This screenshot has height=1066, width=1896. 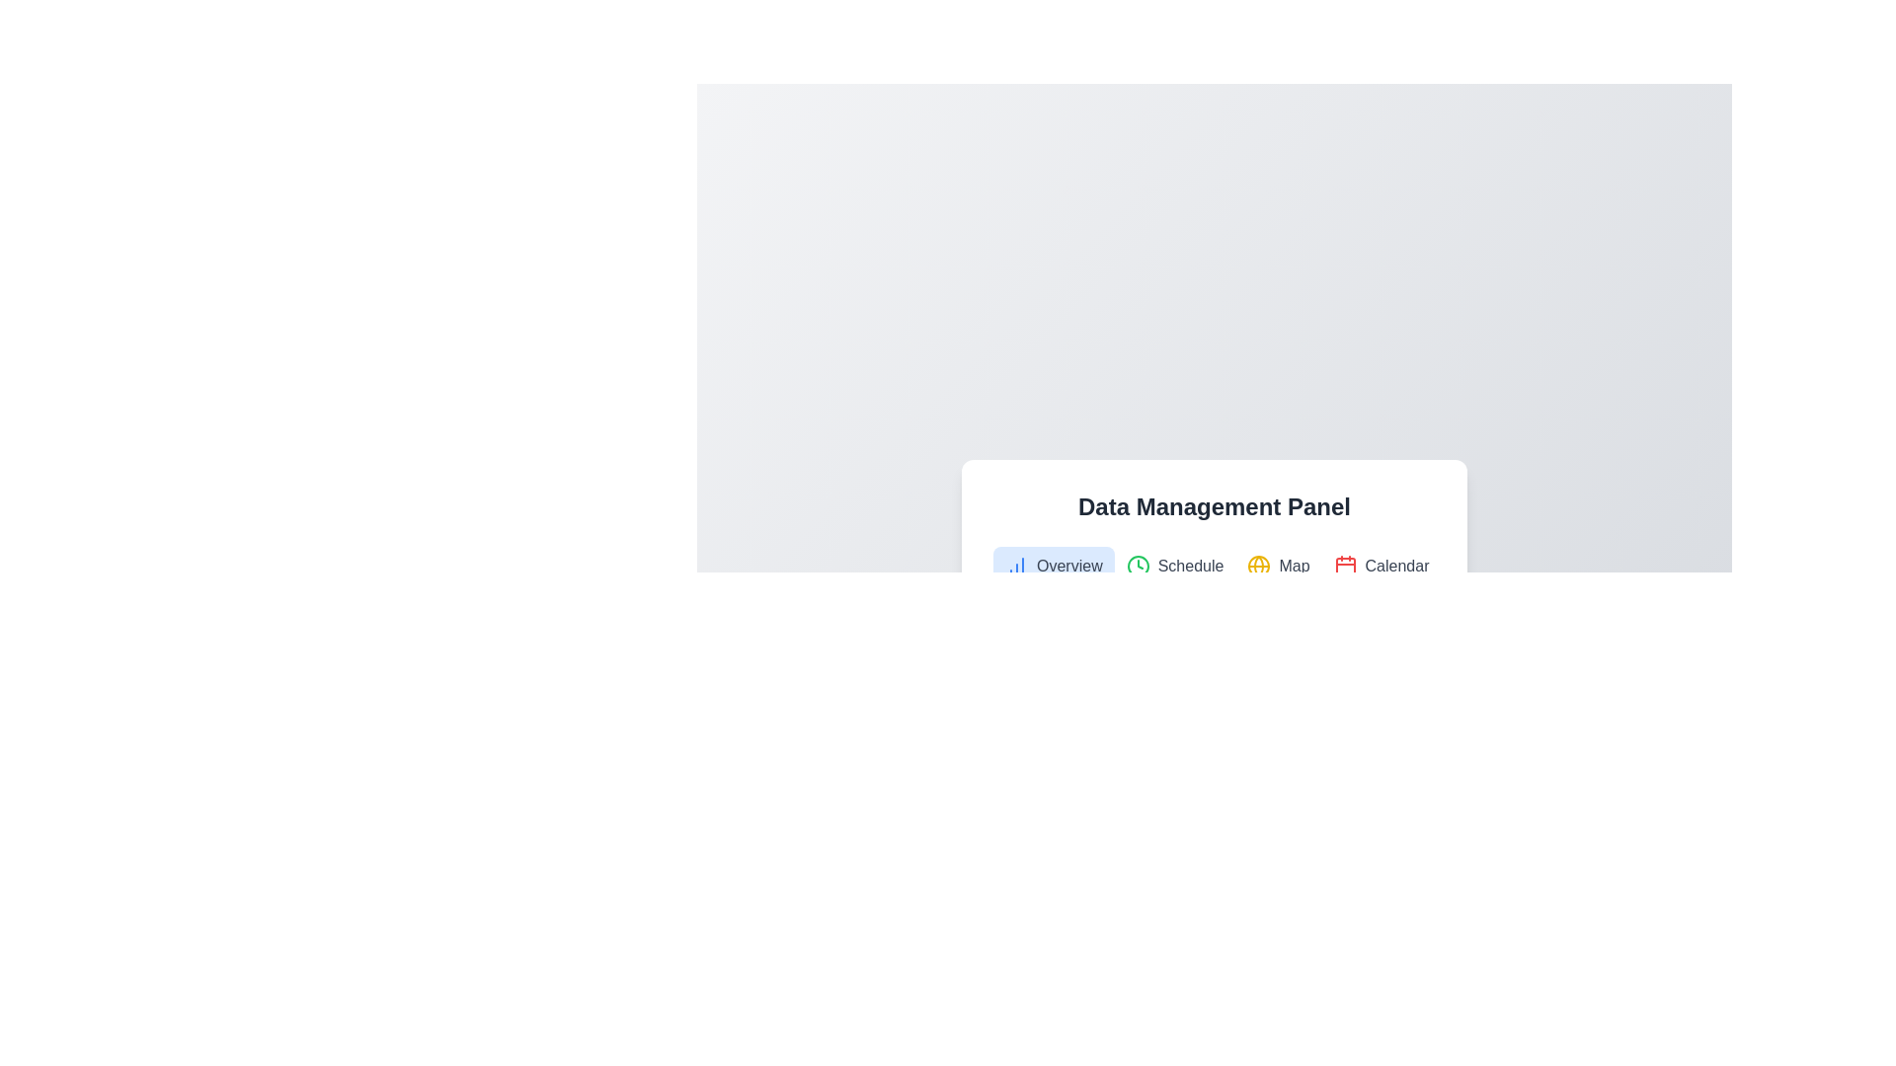 What do you see at coordinates (1380, 567) in the screenshot?
I see `the Navigation Button labeled 'Calendar' which features a red calendar icon` at bounding box center [1380, 567].